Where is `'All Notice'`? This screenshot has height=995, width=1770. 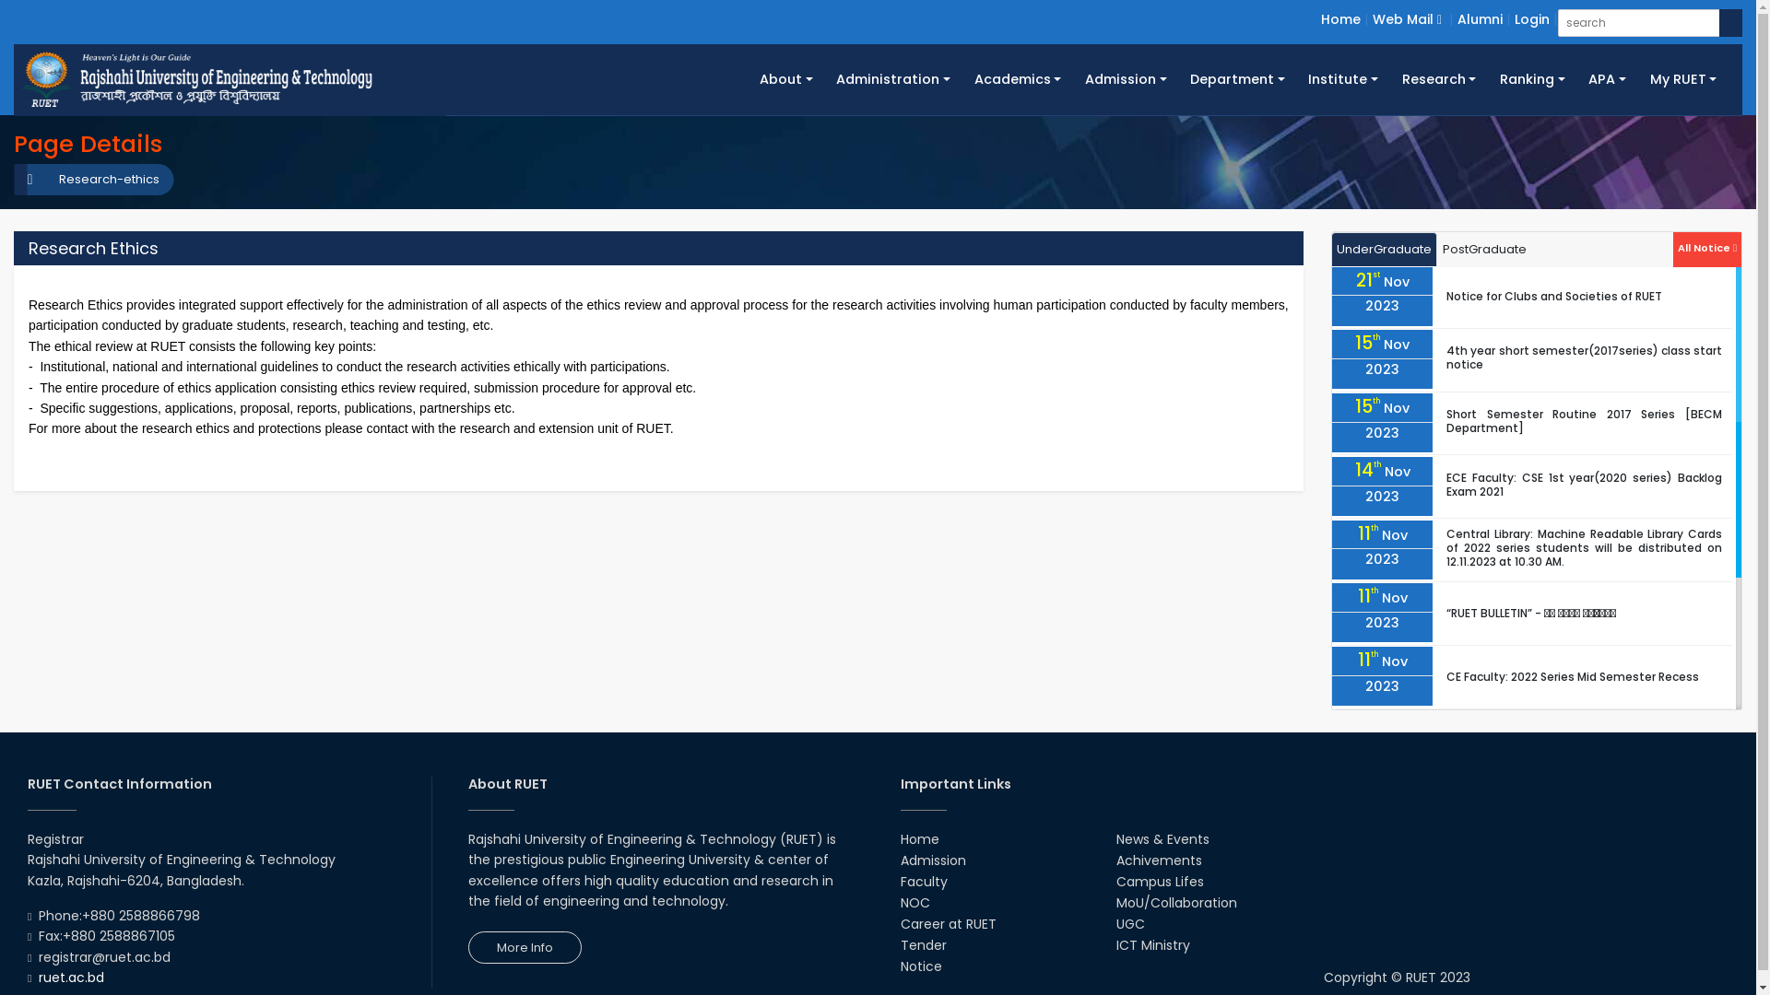 'All Notice' is located at coordinates (1706, 245).